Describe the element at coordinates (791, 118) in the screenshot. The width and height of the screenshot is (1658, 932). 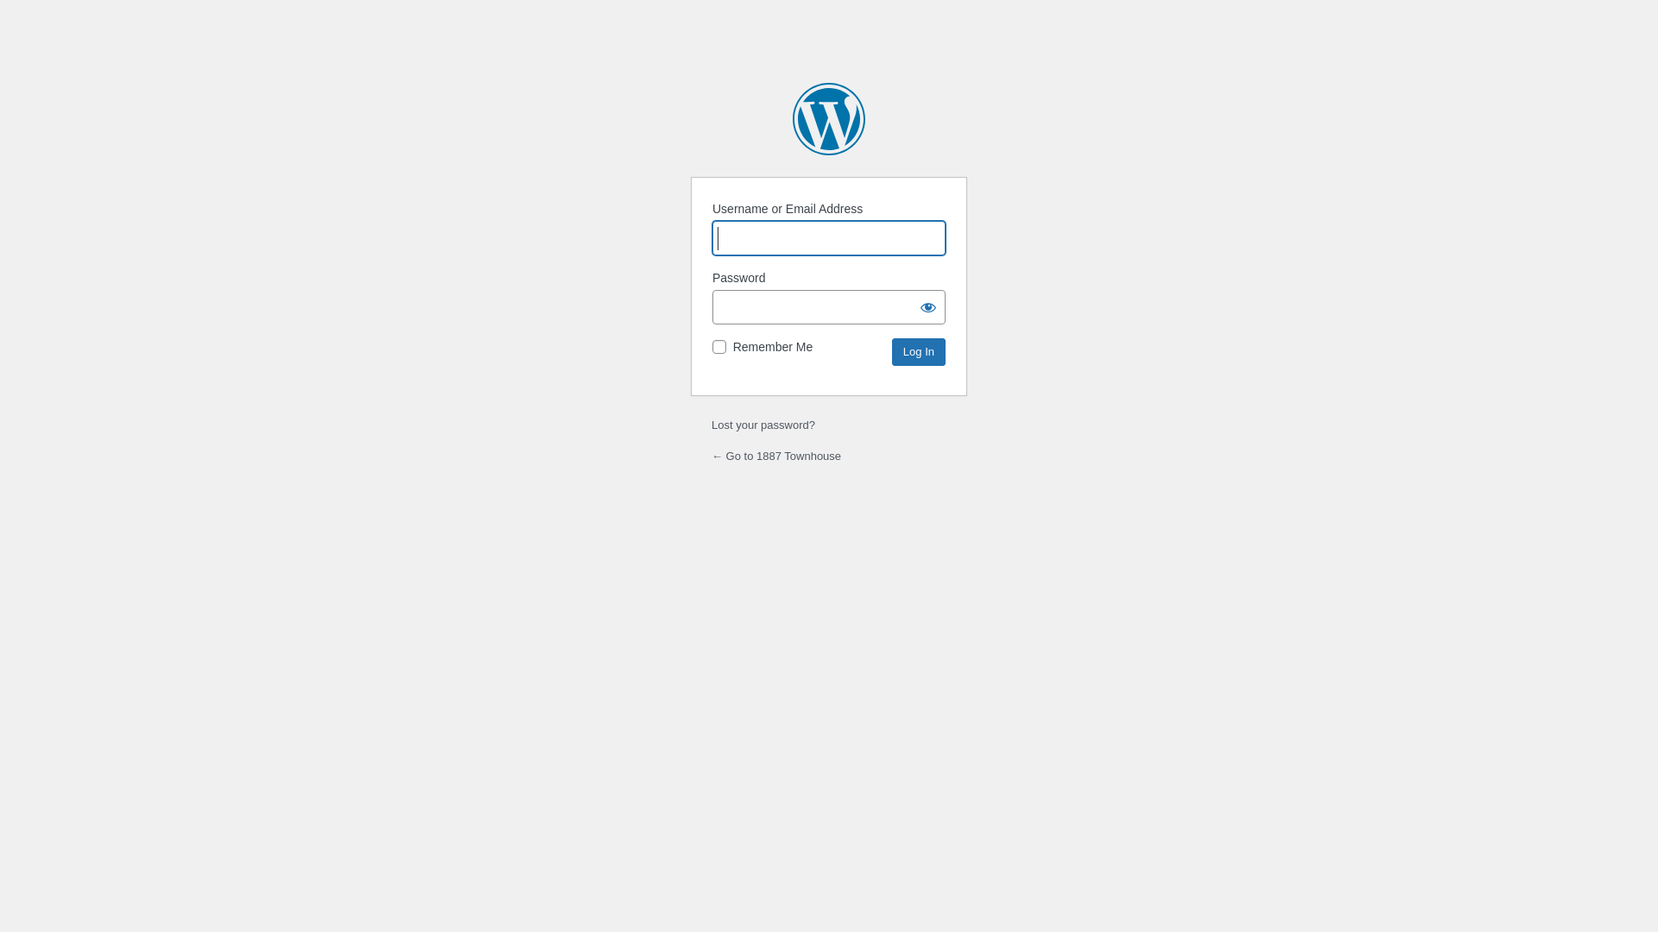
I see `'Powered by WordPress'` at that location.